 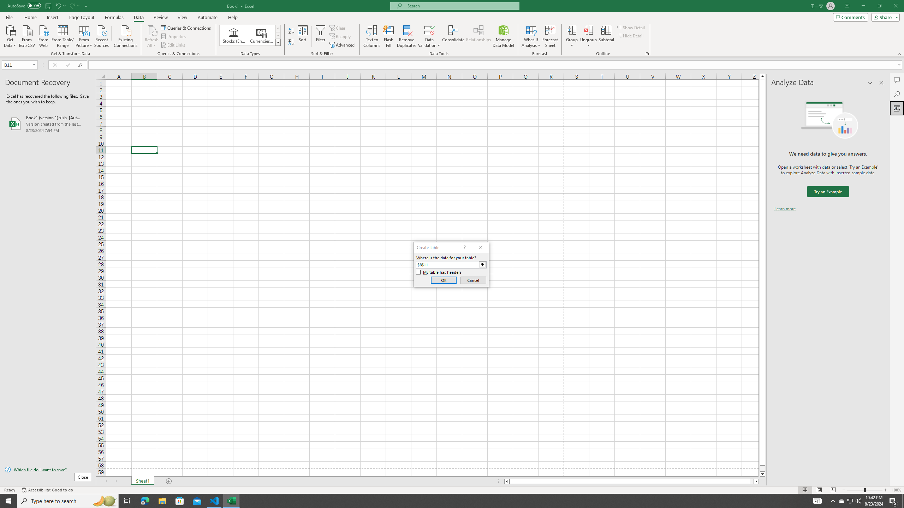 What do you see at coordinates (388, 36) in the screenshot?
I see `'Flash Fill'` at bounding box center [388, 36].